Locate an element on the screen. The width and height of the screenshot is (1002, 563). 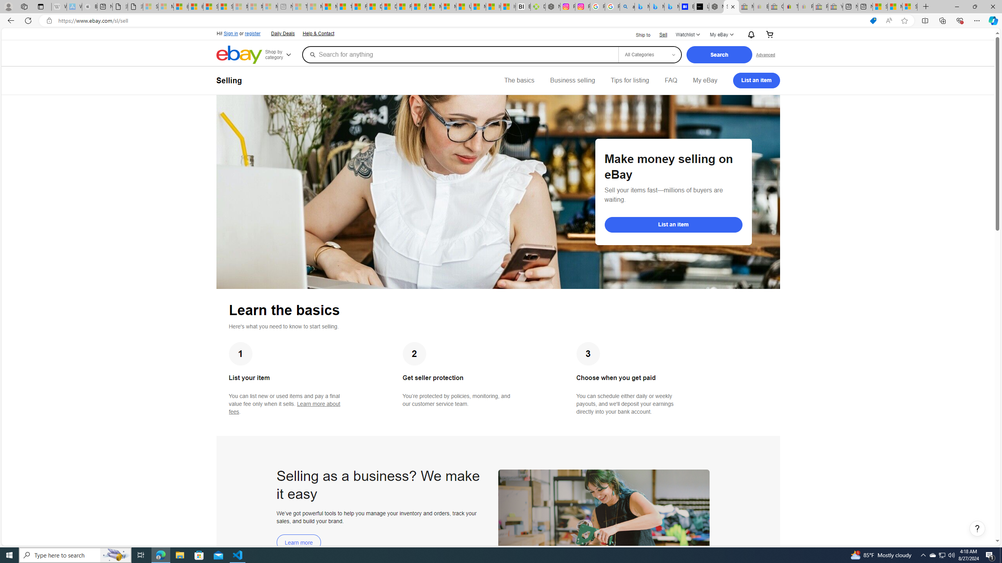
'Descarga Driver Updater' is located at coordinates (537, 6).